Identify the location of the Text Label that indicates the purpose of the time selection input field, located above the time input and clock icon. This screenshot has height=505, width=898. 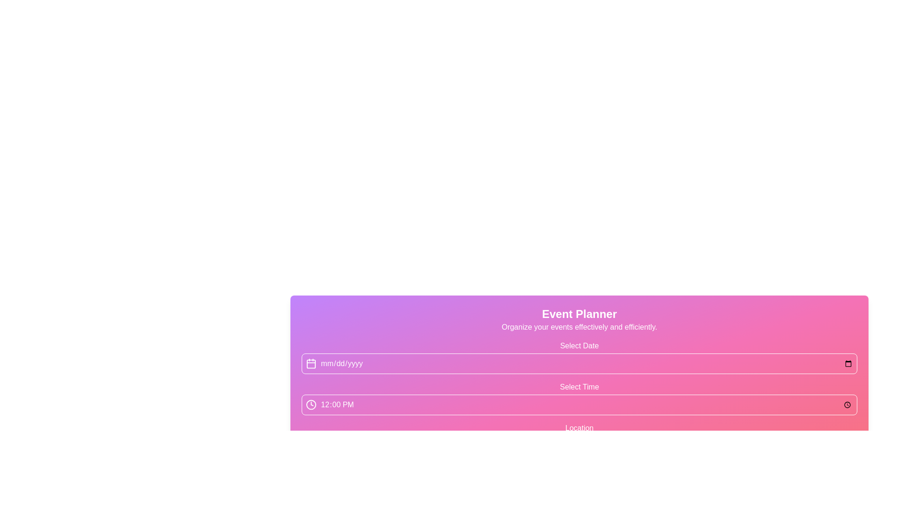
(579, 387).